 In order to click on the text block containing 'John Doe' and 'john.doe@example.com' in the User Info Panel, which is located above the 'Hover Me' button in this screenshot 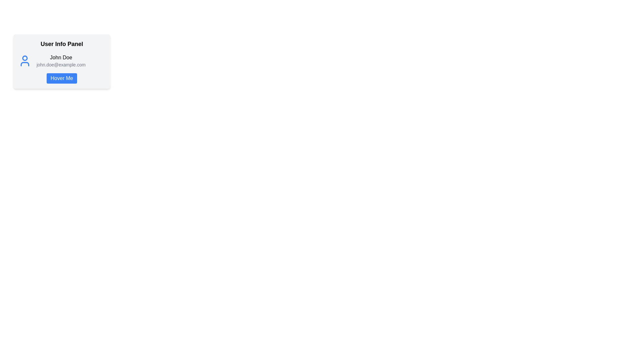, I will do `click(61, 61)`.